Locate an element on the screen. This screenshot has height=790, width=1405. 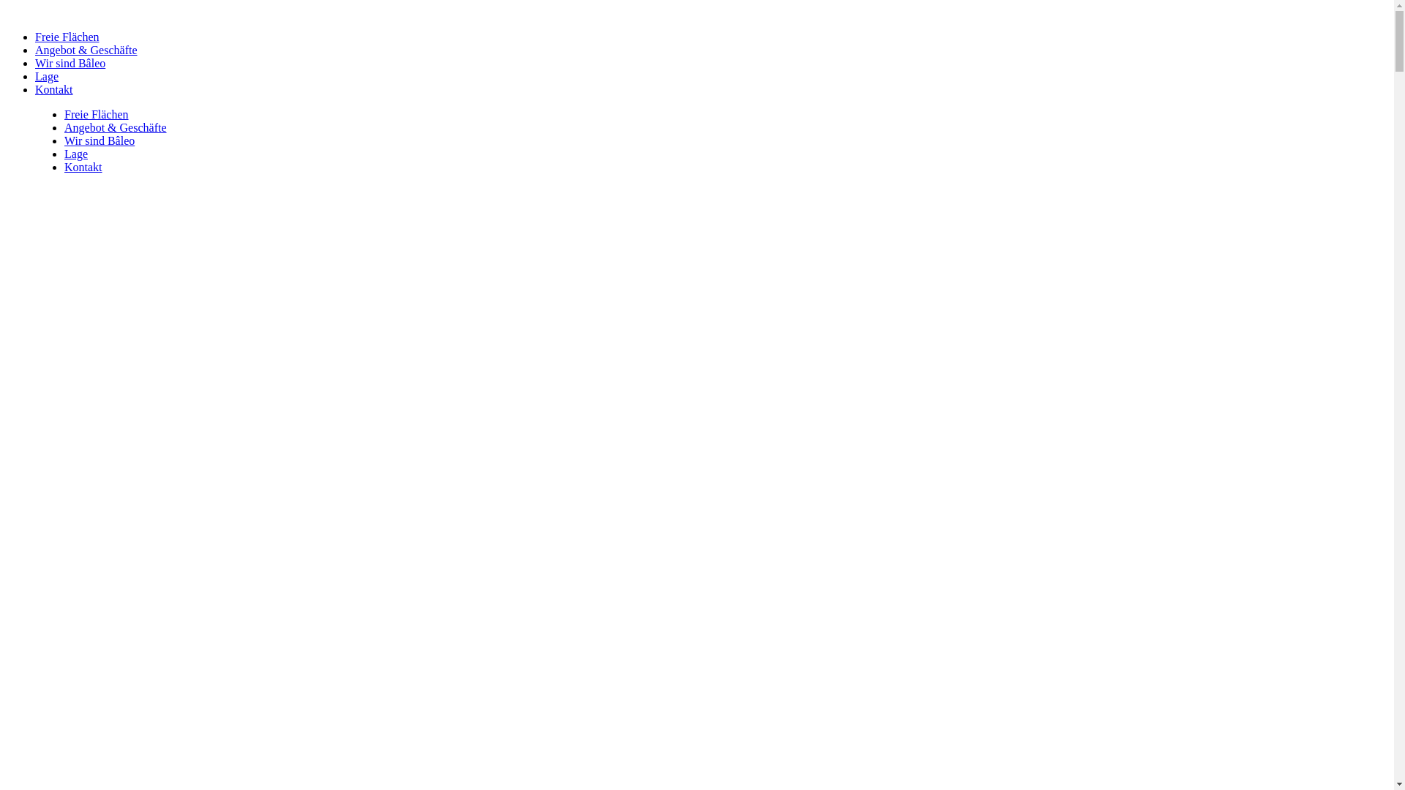
'Kontakt' is located at coordinates (83, 166).